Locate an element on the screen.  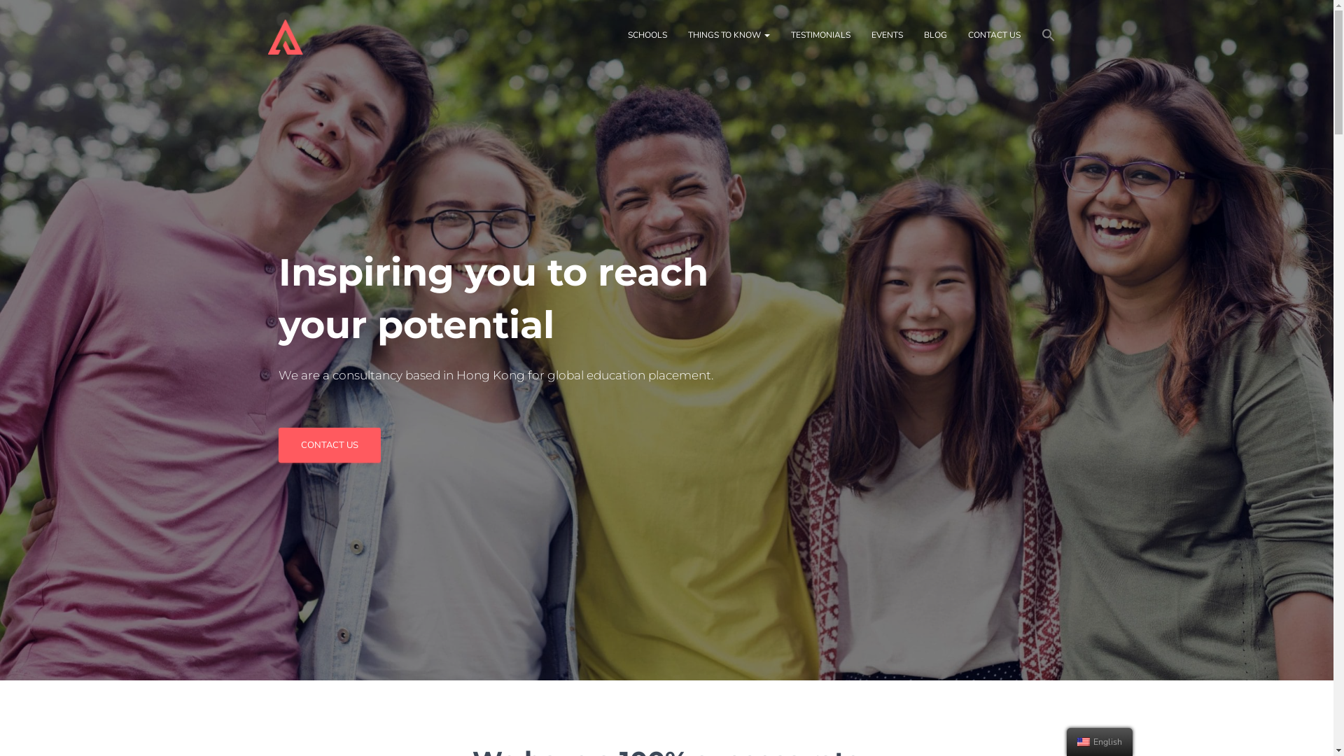
'English' is located at coordinates (1082, 741).